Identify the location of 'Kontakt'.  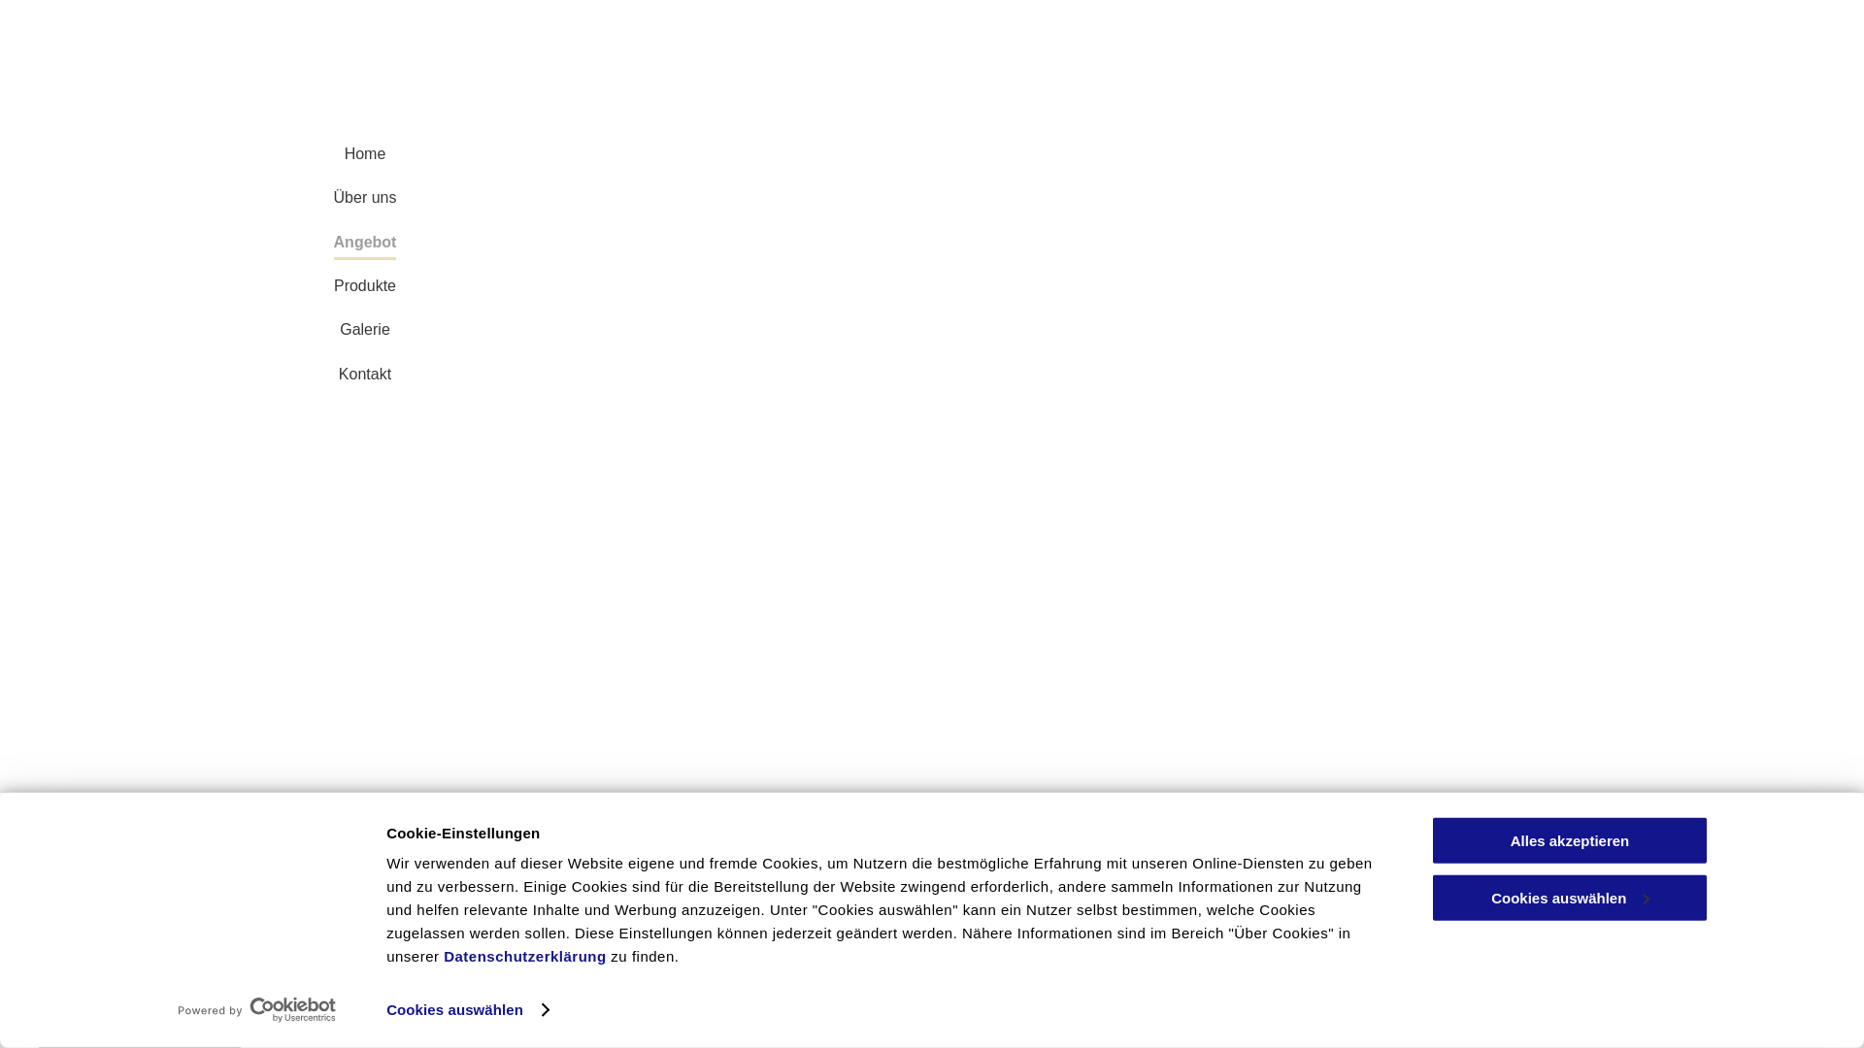
(1093, 928).